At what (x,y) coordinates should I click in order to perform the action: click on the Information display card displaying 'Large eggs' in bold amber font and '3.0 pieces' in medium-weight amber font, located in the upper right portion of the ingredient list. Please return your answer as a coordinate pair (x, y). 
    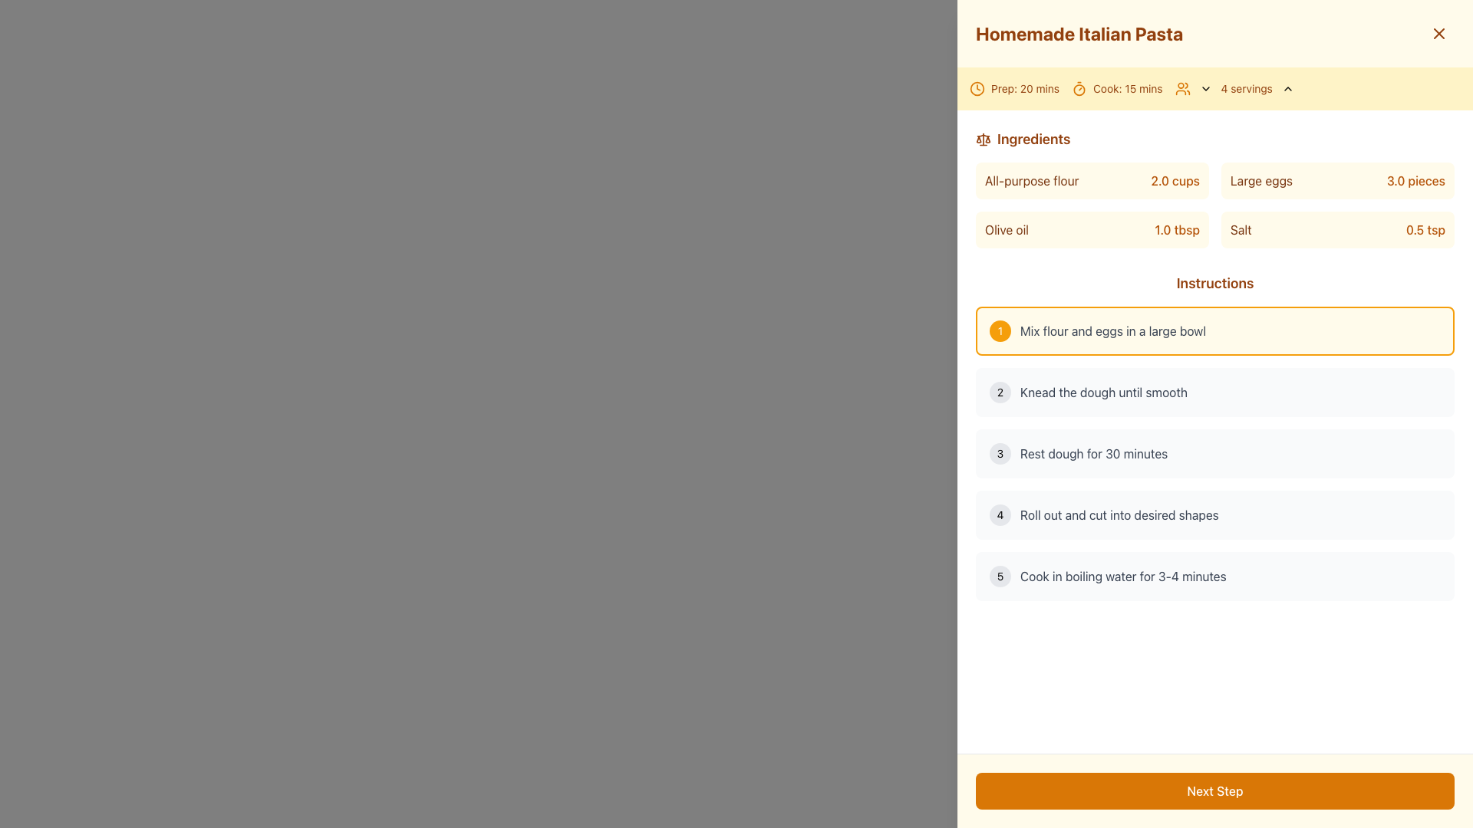
    Looking at the image, I should click on (1336, 179).